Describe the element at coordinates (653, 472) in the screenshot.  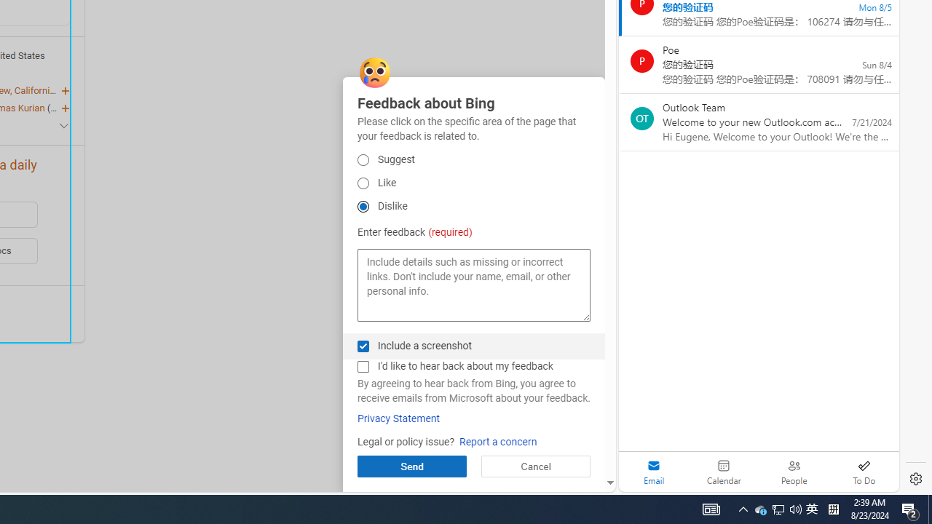
I see `'Selected mail module'` at that location.